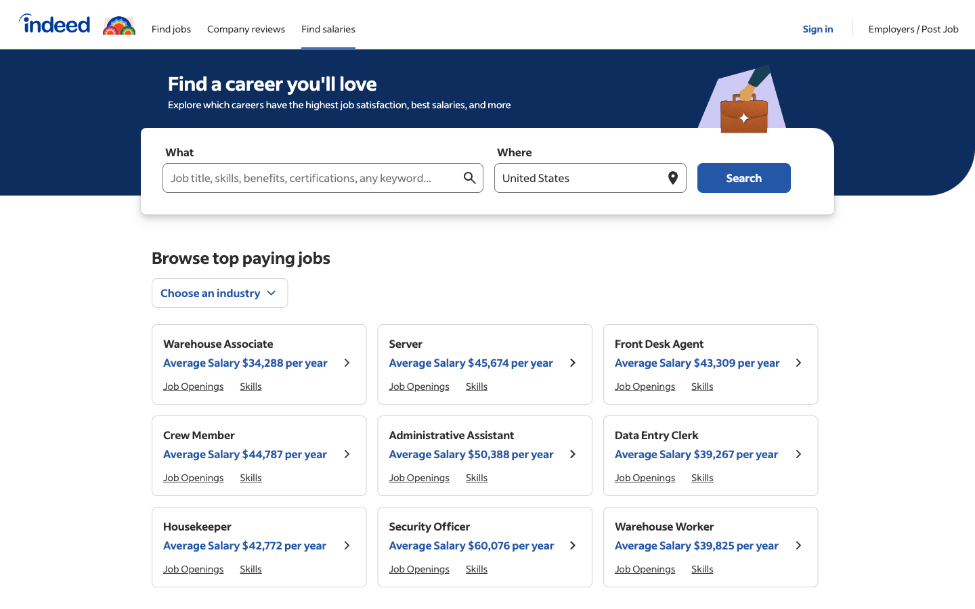 Image resolution: width=975 pixels, height=609 pixels. Describe the element at coordinates (819, 23) in the screenshot. I see `Transition to the Sign In Screen` at that location.